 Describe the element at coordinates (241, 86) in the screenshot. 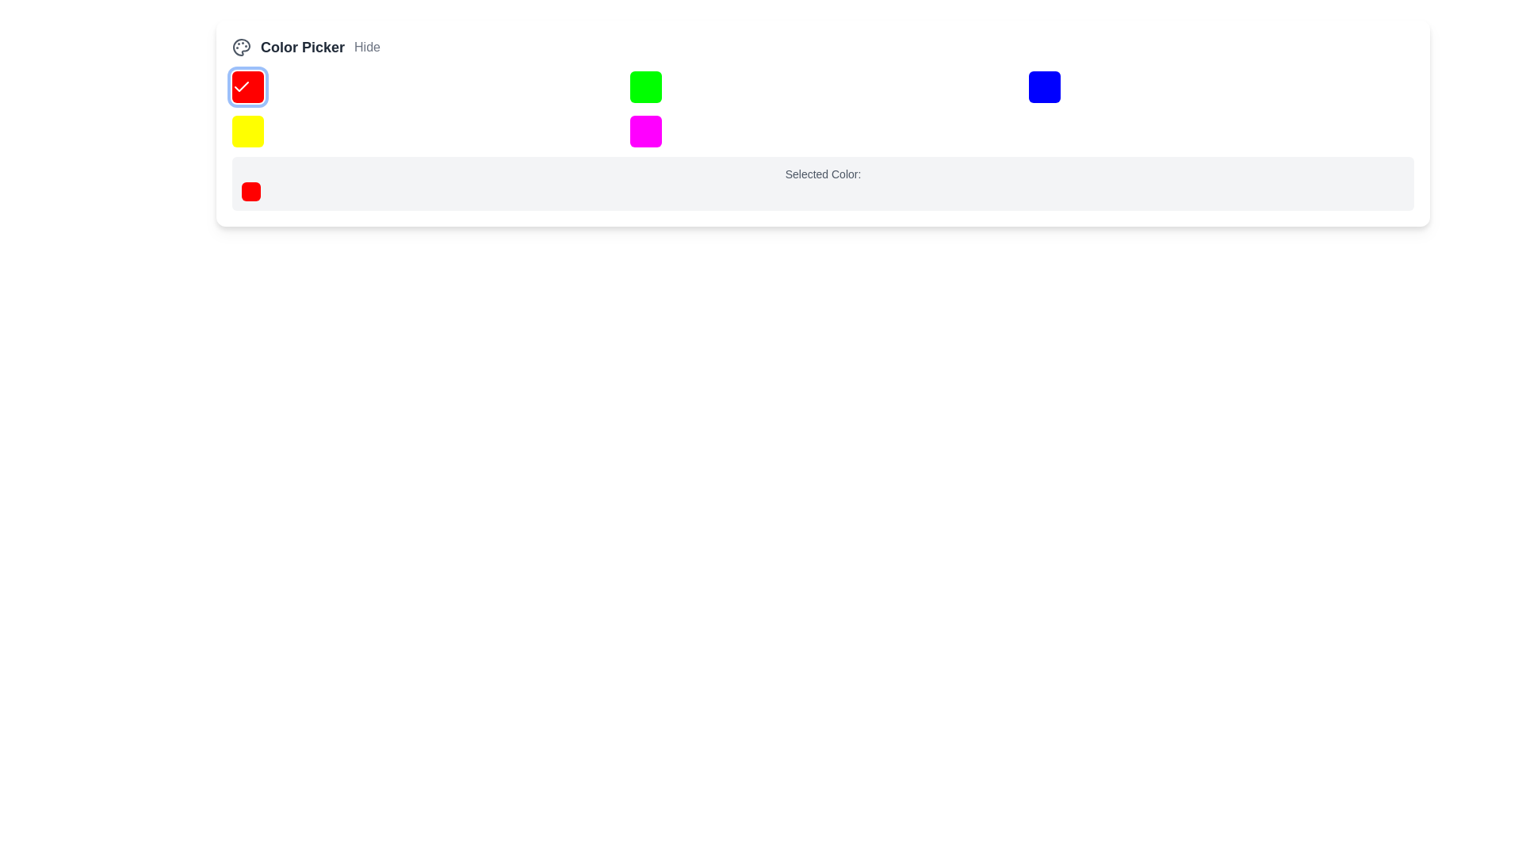

I see `the checkmark icon in the color picker to confirm the selection of the red color` at that location.